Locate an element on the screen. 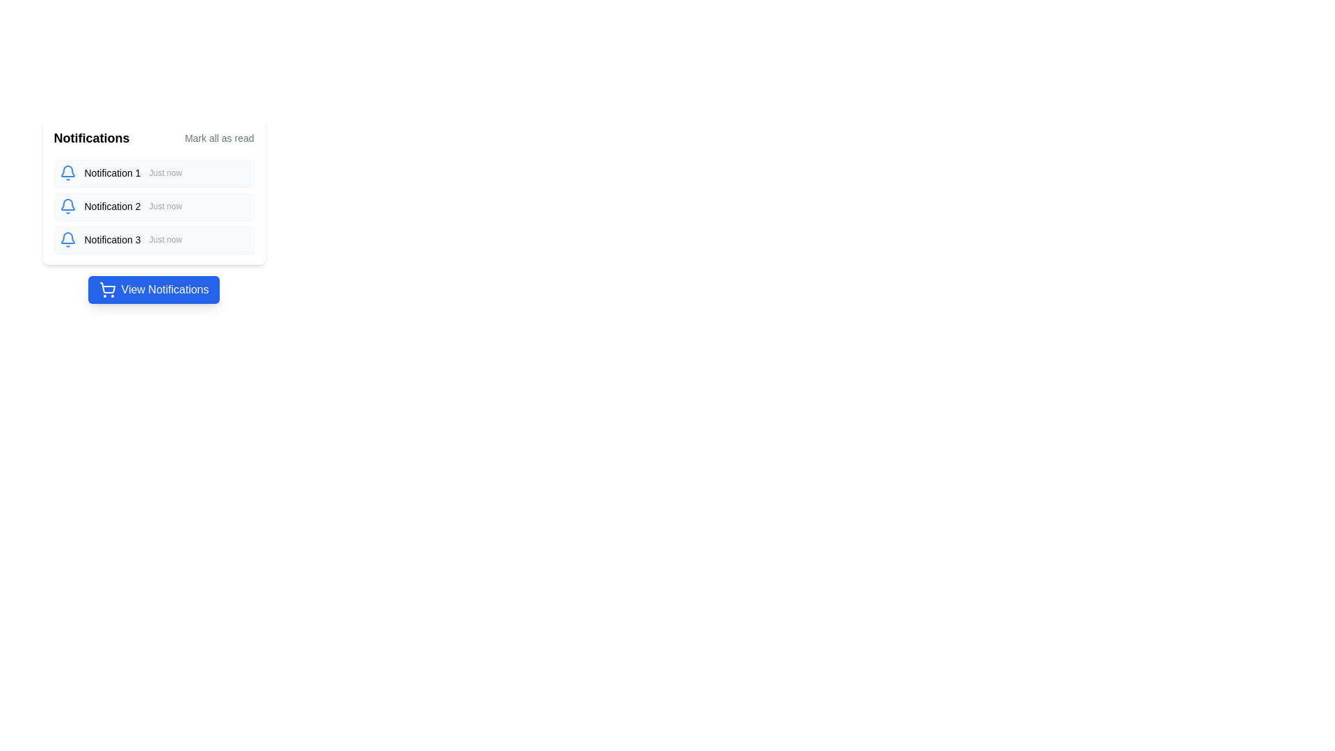 The width and height of the screenshot is (1335, 751). the static text label displaying 'Notification 3', which is styled with a small font size and medium font weight, located next to a blue bell icon in a vertically stacked list of notifications is located at coordinates (113, 239).